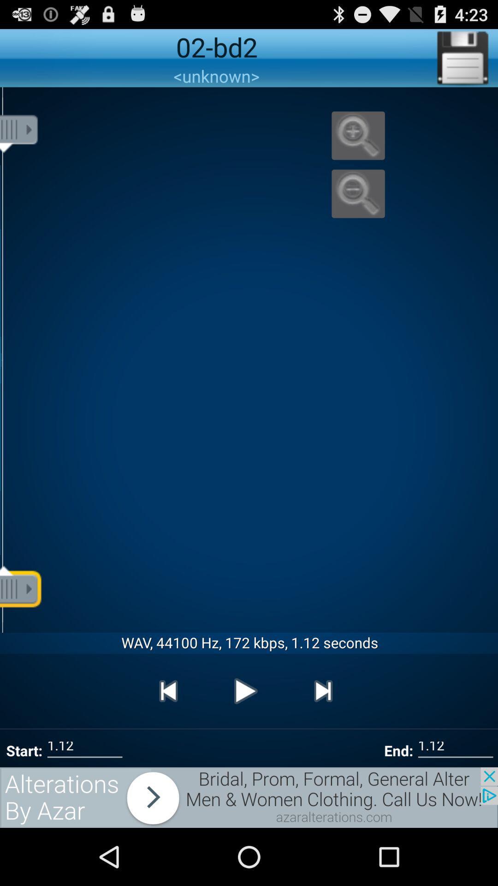 The image size is (498, 886). I want to click on the play icon, so click(245, 740).